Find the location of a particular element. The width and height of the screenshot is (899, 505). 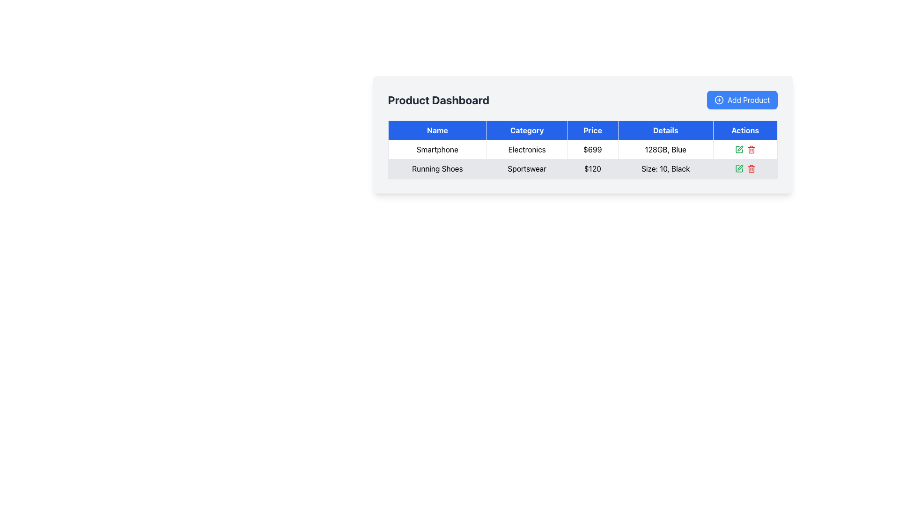

the Horizontal Icon Group located in the Actions column of the second row in the Product Dashboard section is located at coordinates (744, 149).